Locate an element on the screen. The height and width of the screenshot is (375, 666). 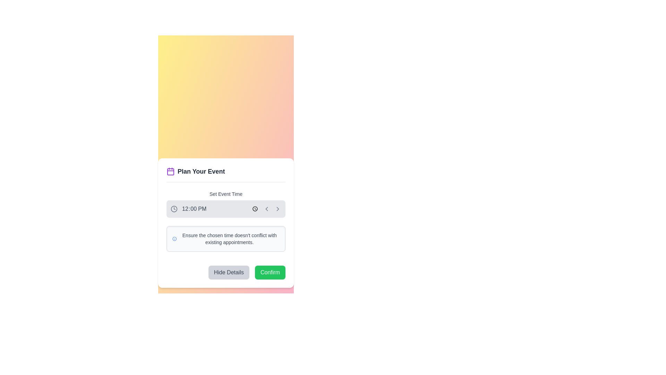
informational message displayed below the time selection dropdown, which provides guidance or warnings regarding potential conflicts for the selected time is located at coordinates (226, 238).